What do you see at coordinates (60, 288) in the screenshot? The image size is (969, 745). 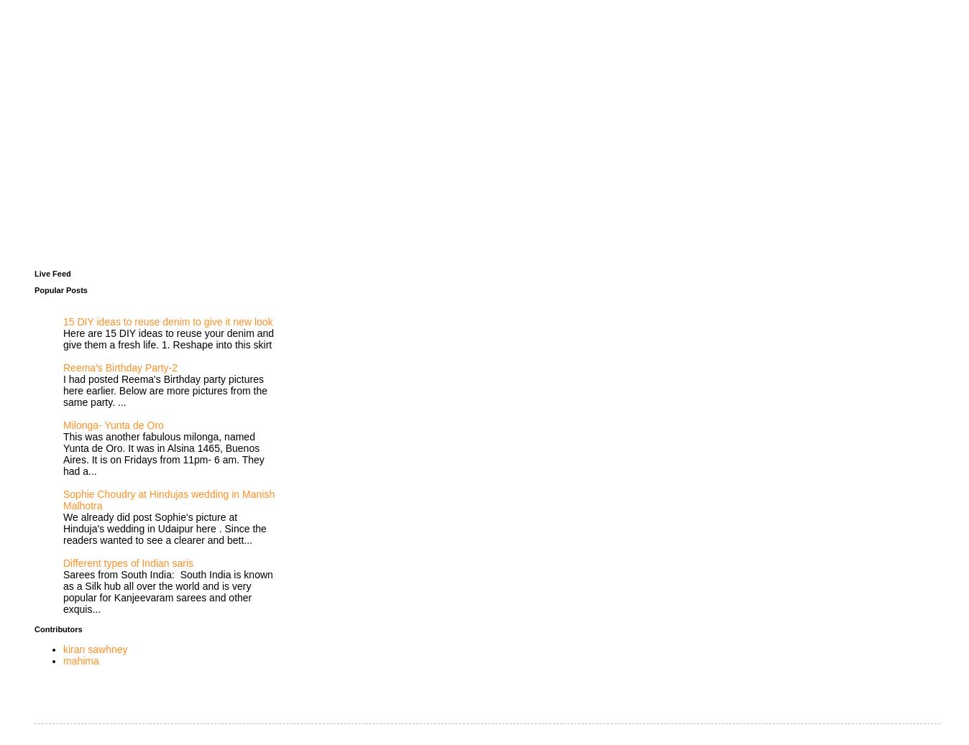 I see `'Popular Posts'` at bounding box center [60, 288].